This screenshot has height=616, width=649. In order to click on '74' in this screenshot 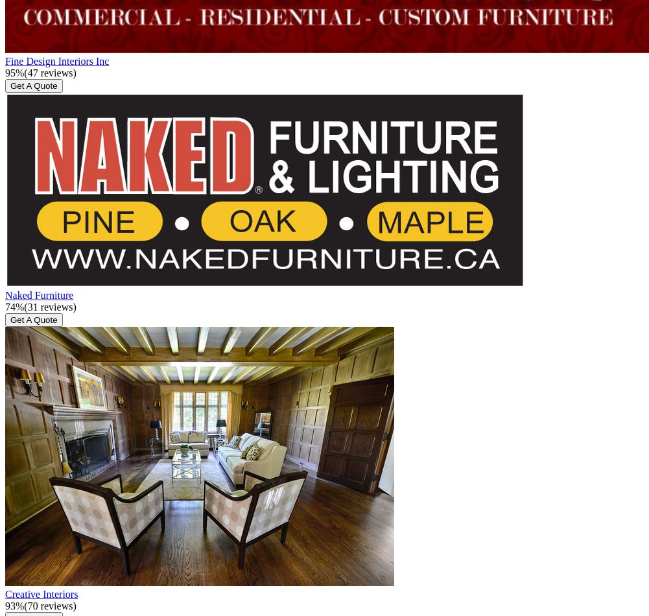, I will do `click(5, 305)`.